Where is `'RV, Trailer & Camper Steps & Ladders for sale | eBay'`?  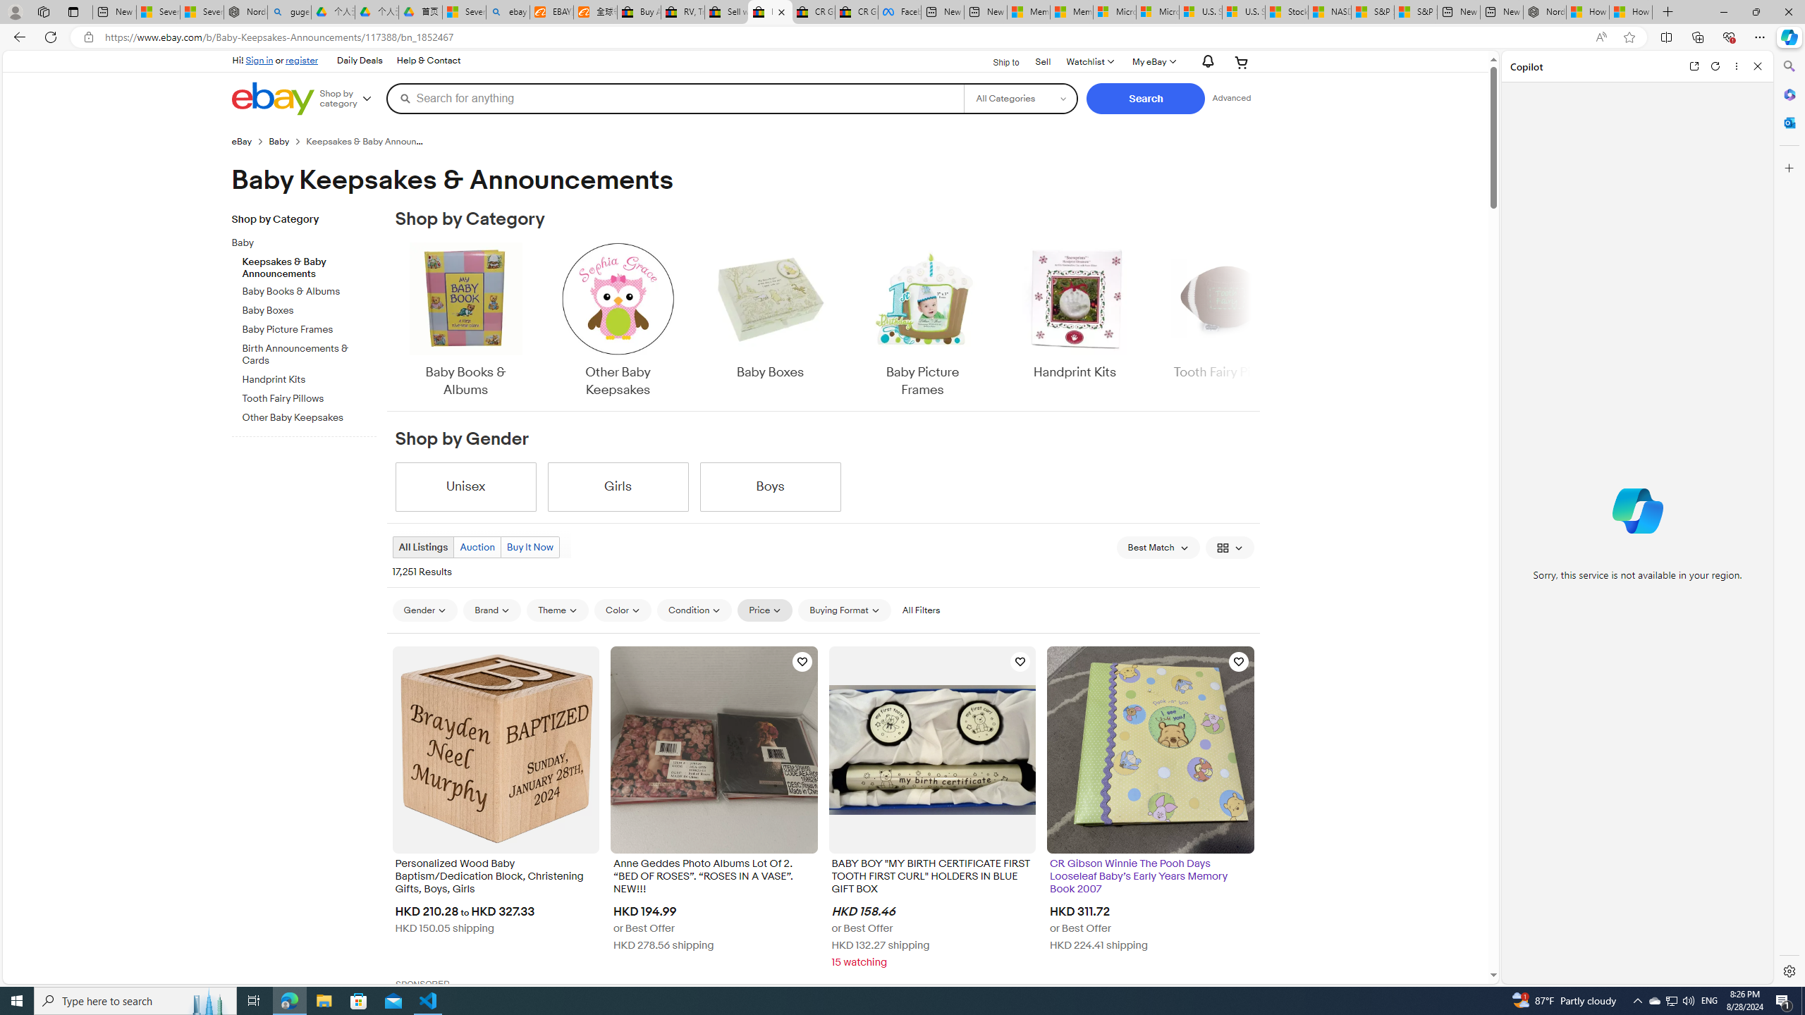 'RV, Trailer & Camper Steps & Ladders for sale | eBay' is located at coordinates (682, 11).